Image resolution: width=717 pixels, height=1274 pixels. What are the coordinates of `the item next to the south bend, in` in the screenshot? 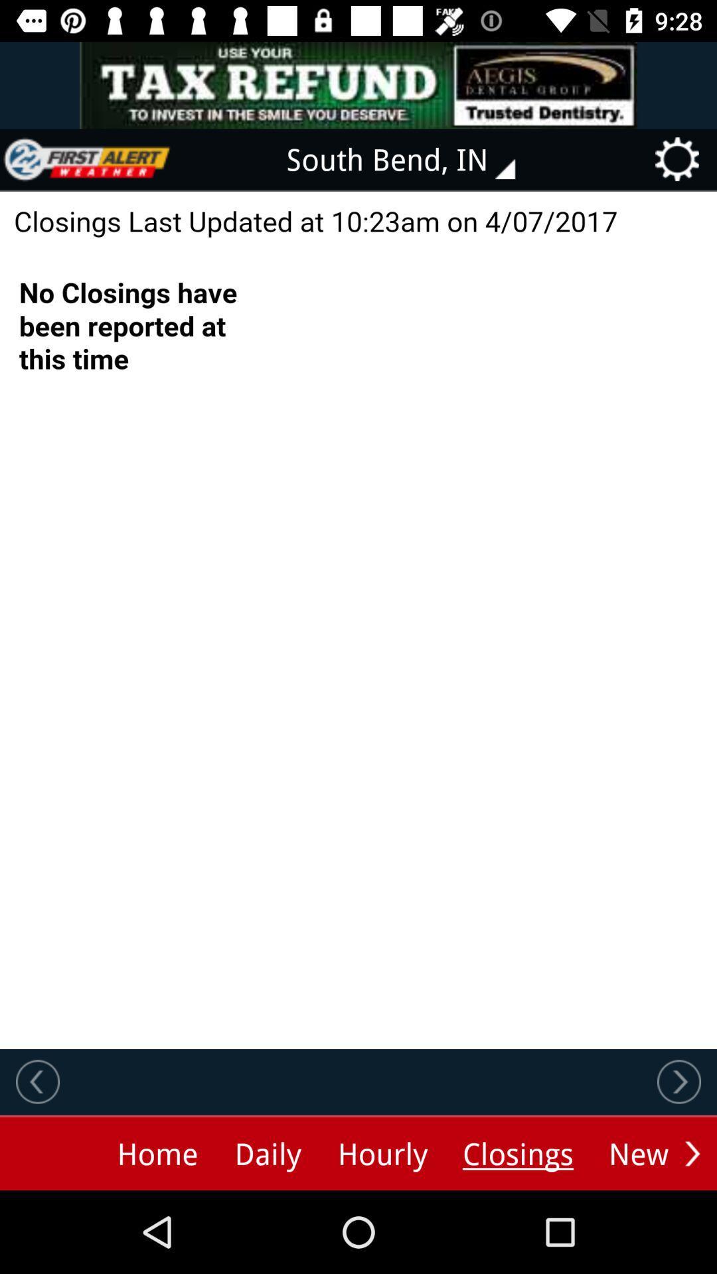 It's located at (87, 159).